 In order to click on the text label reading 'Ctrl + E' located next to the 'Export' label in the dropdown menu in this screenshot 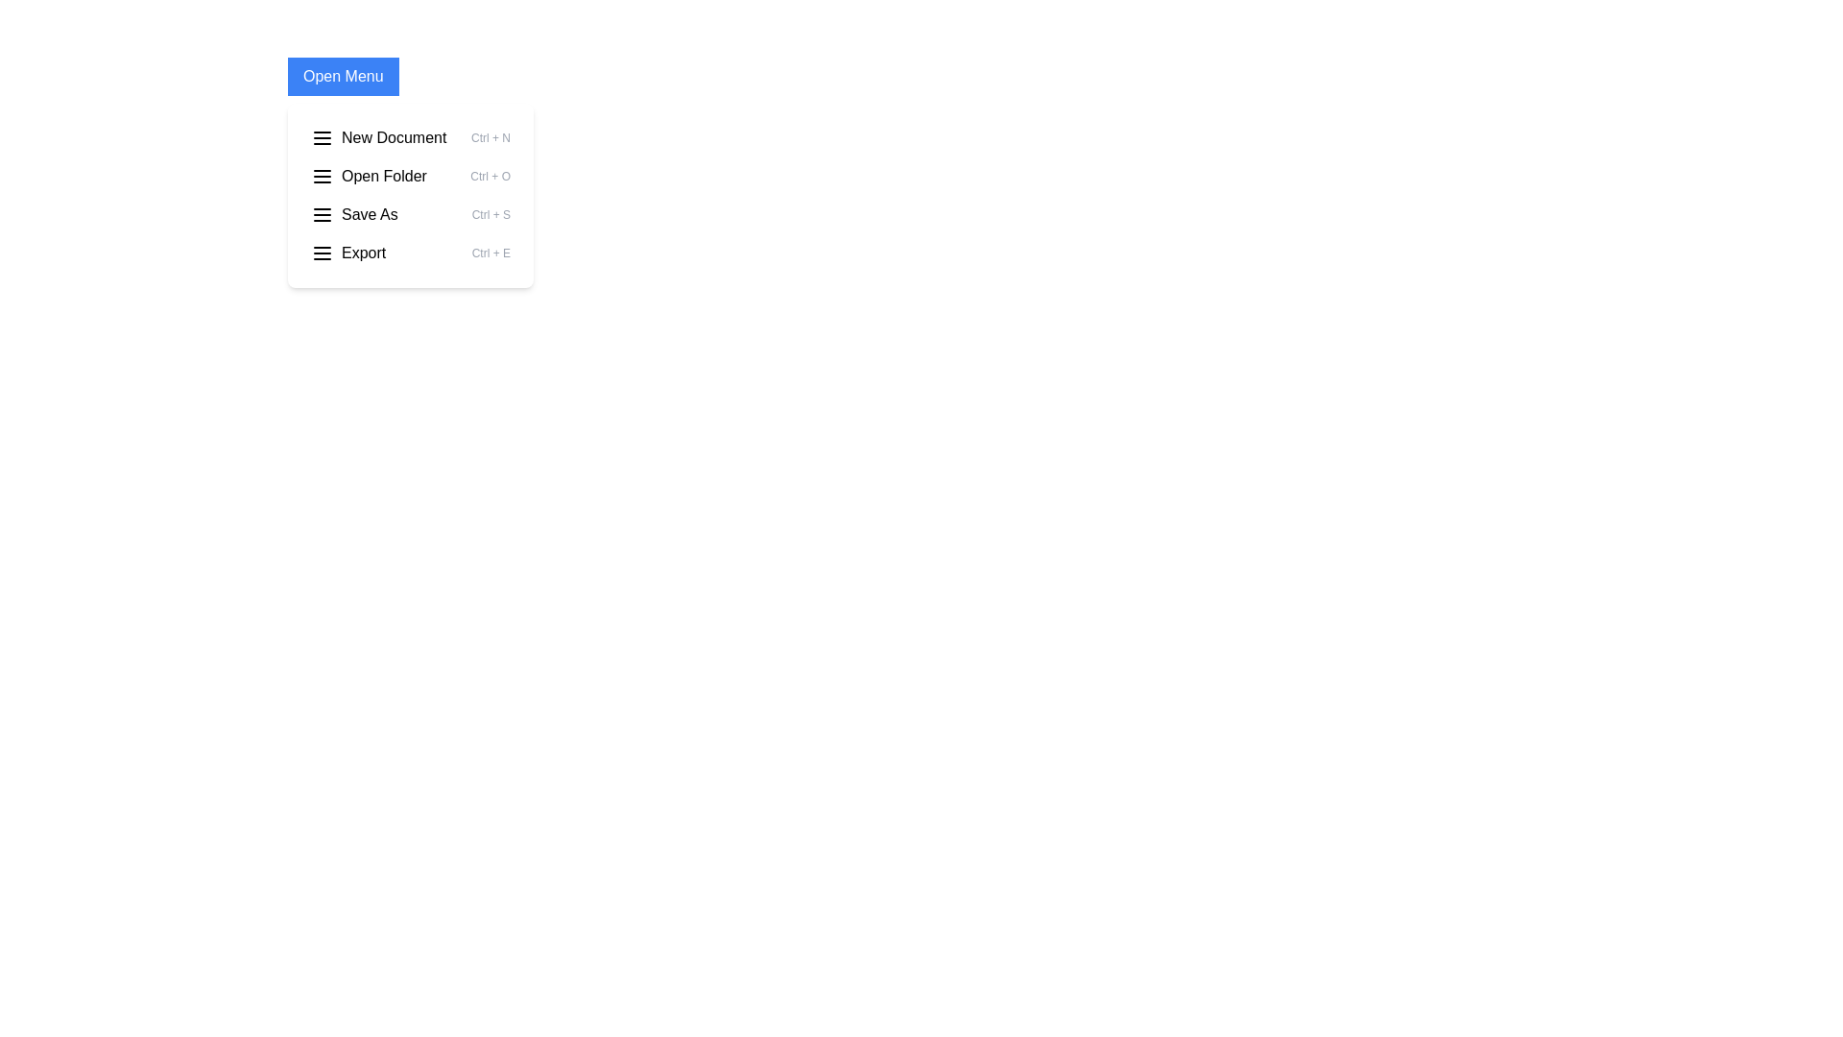, I will do `click(491, 252)`.